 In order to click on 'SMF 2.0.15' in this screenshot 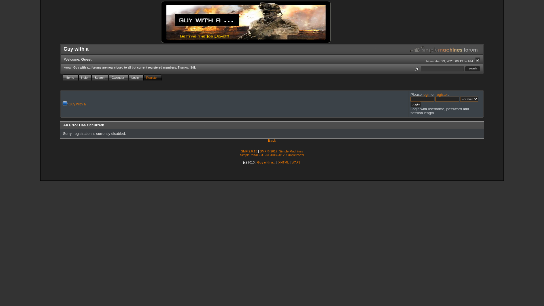, I will do `click(249, 151)`.